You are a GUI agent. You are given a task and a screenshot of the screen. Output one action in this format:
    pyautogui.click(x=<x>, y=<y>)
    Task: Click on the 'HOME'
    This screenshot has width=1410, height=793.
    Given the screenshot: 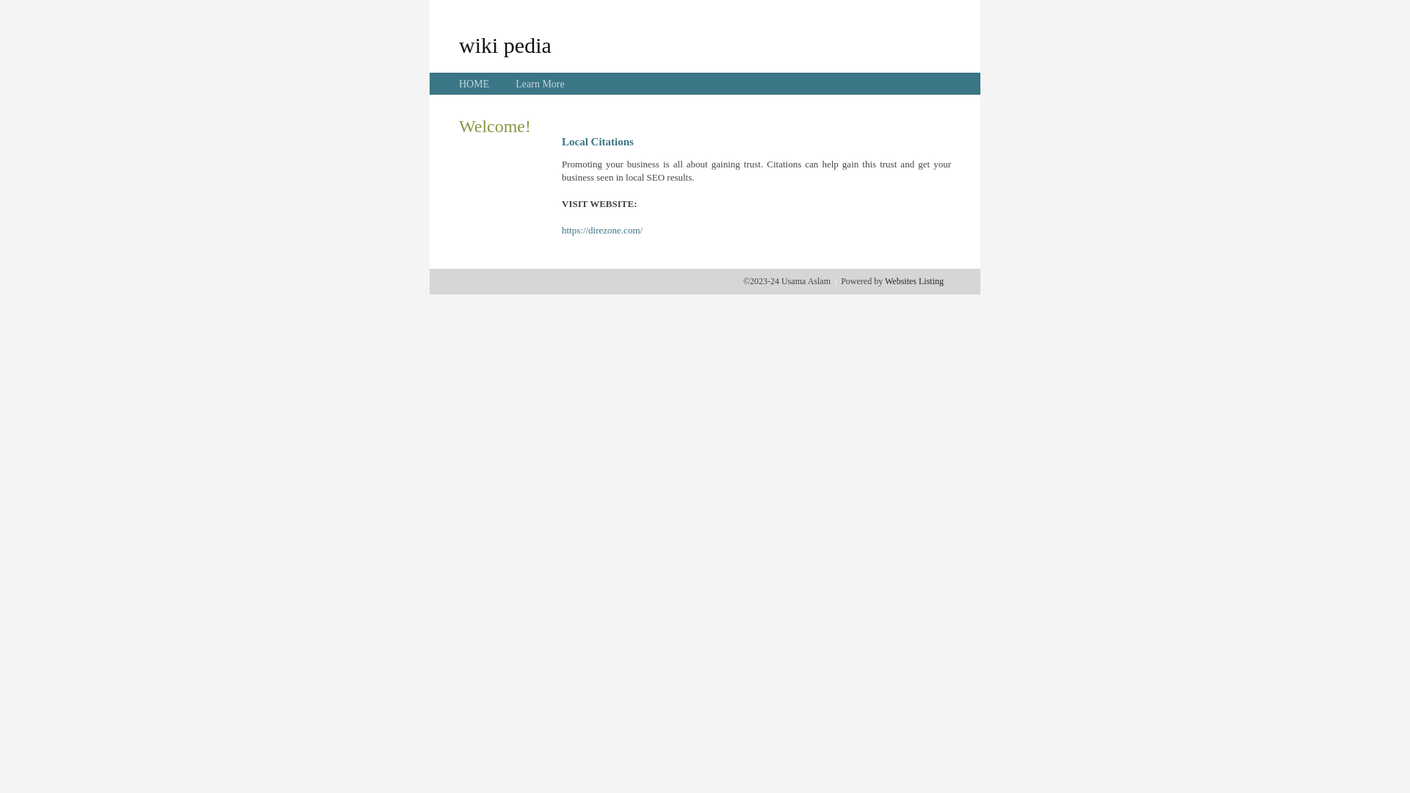 What is the action you would take?
    pyautogui.click(x=474, y=84)
    